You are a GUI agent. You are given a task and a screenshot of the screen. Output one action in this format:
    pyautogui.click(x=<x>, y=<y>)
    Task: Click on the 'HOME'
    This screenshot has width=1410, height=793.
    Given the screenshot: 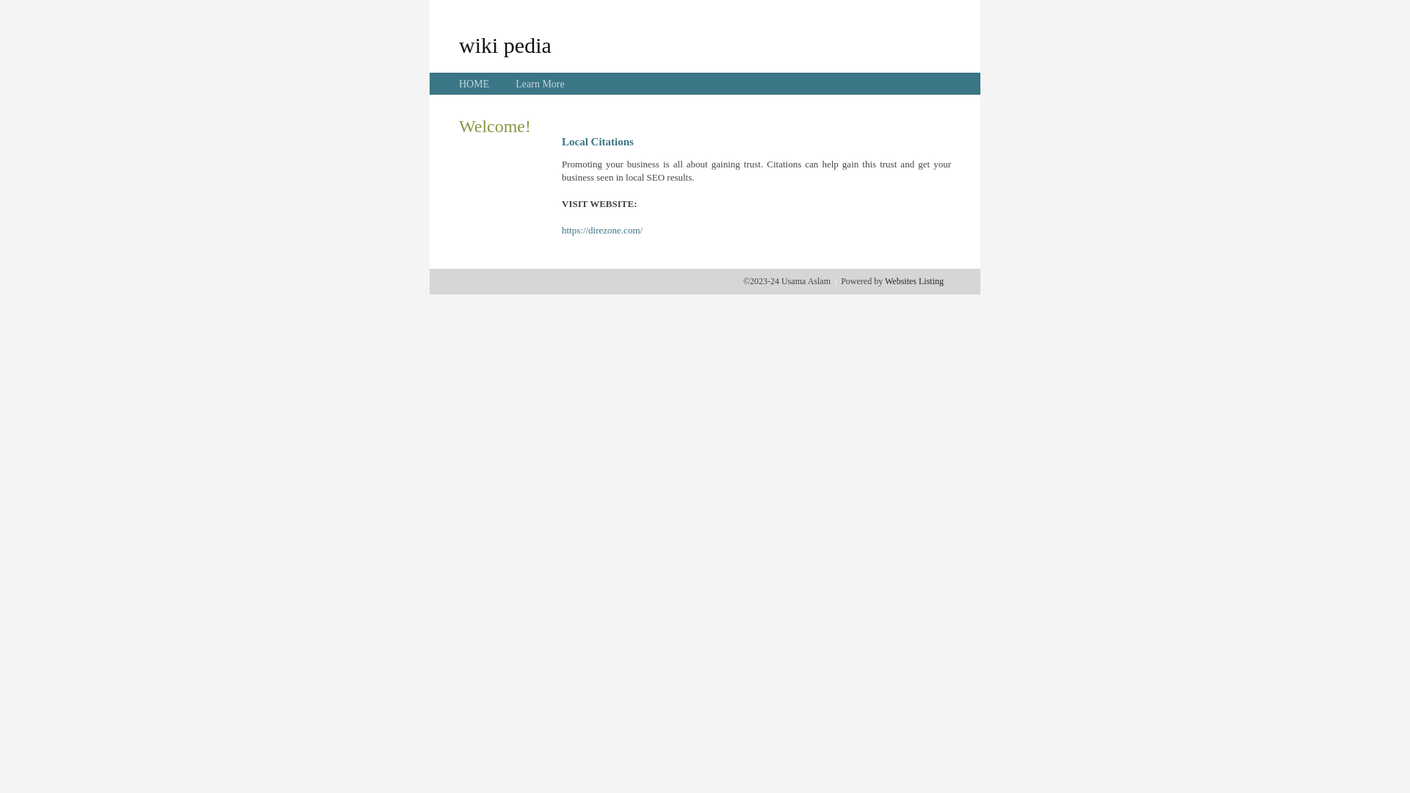 What is the action you would take?
    pyautogui.click(x=474, y=84)
    